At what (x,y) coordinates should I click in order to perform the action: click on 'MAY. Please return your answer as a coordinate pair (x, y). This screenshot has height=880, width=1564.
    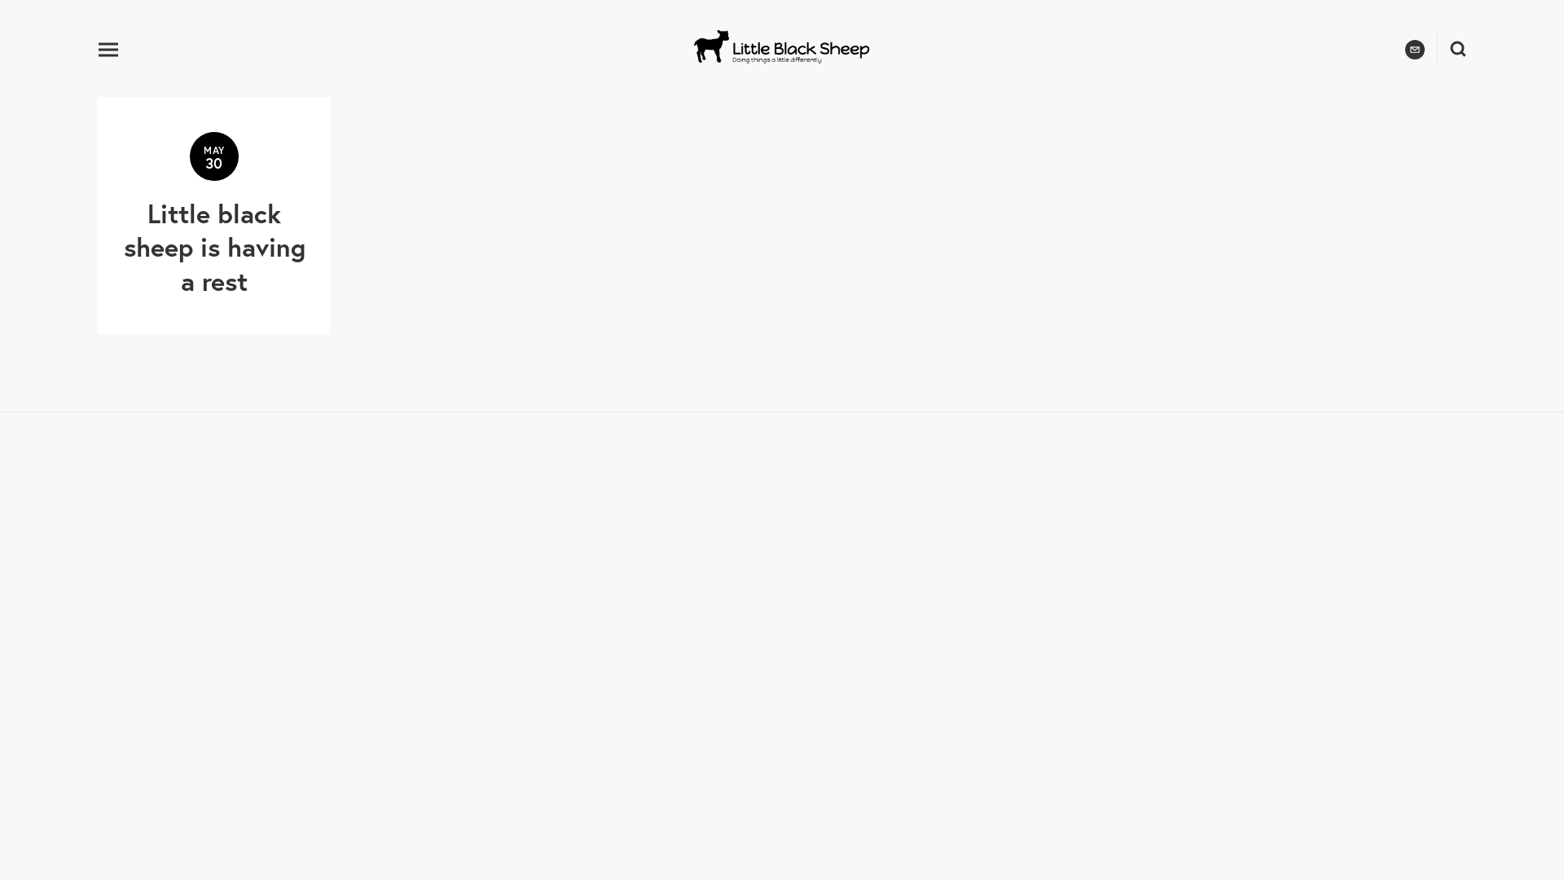
    Looking at the image, I should click on (116, 214).